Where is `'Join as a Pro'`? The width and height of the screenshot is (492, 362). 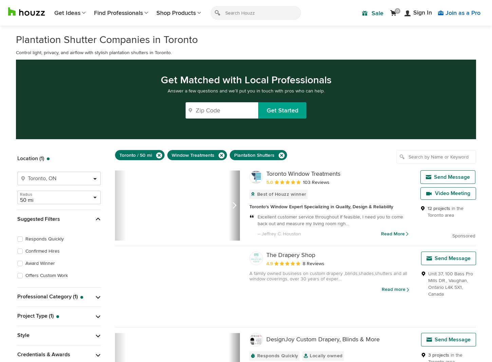 'Join as a Pro' is located at coordinates (462, 12).